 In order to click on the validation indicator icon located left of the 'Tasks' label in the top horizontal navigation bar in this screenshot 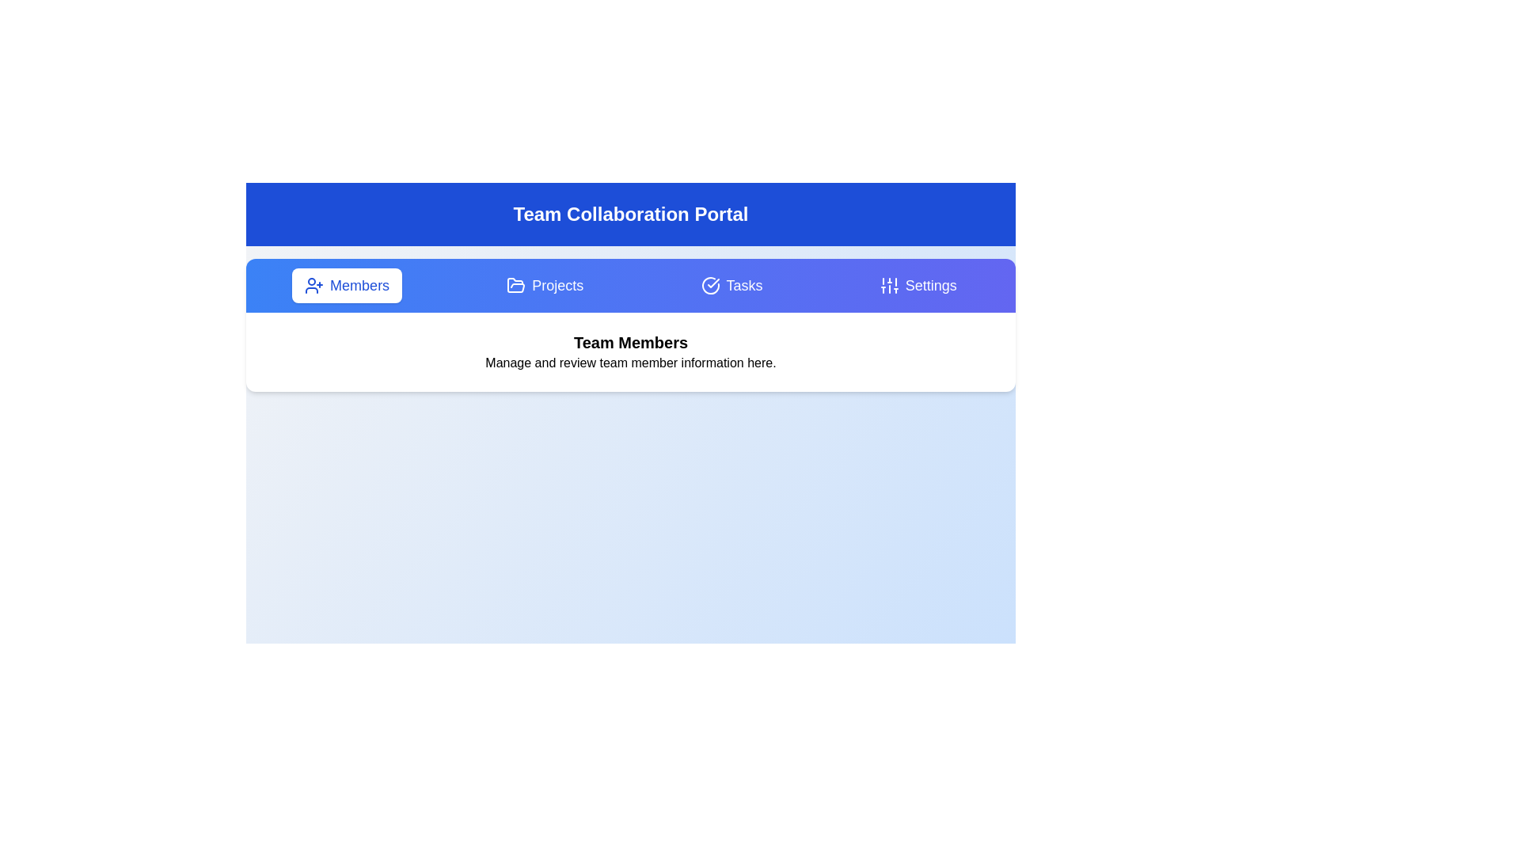, I will do `click(709, 286)`.